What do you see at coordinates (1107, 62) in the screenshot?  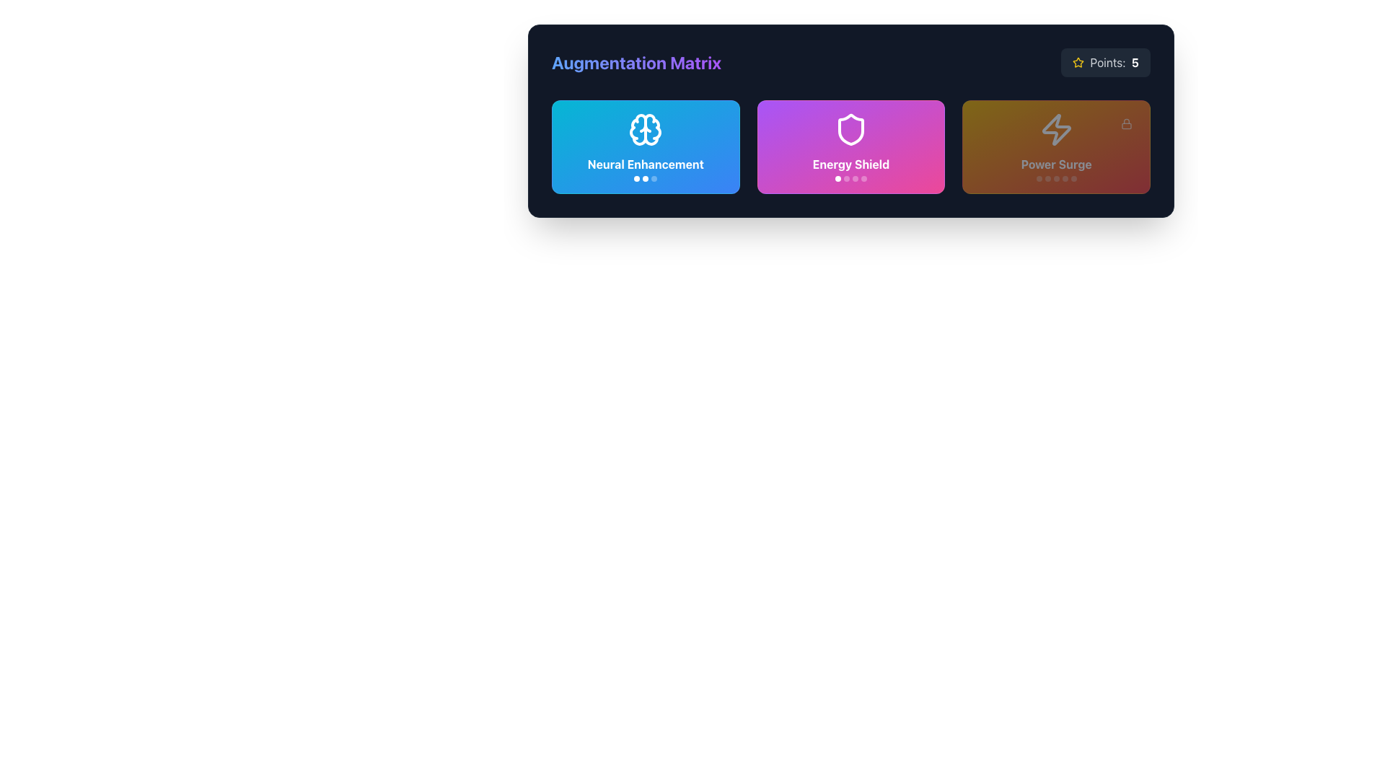 I see `the static text label displaying 'Points:' with gray text color, located on a dark background, styled with the class 'text-gray-300'` at bounding box center [1107, 62].